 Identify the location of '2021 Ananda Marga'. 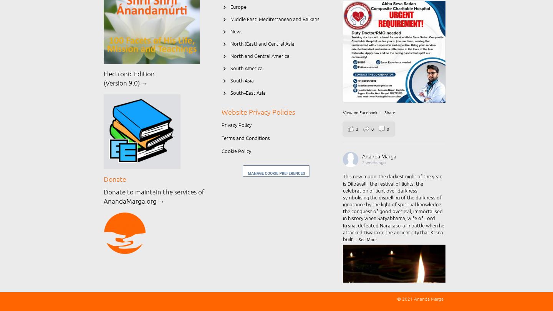
(422, 299).